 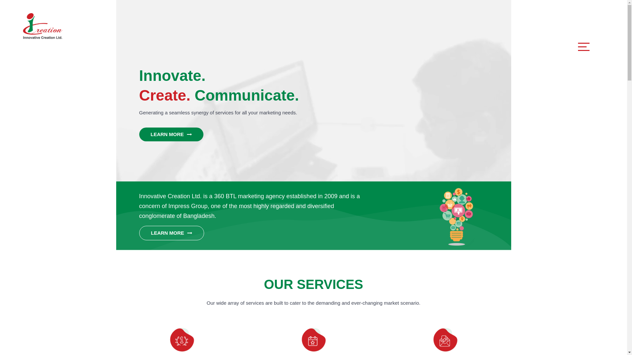 I want to click on 'LEARN MORE', so click(x=171, y=134).